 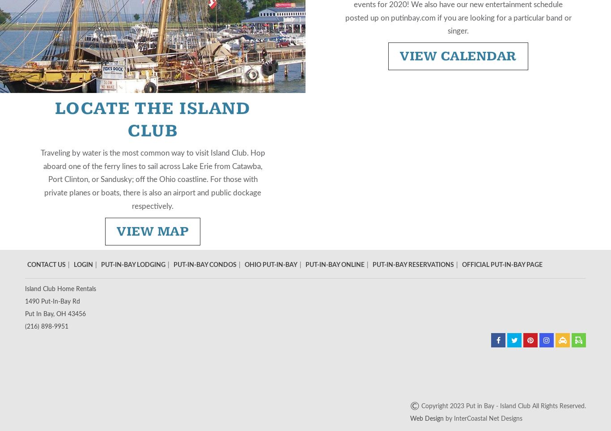 I want to click on 'Ohio Put-In-Bay', so click(x=270, y=264).